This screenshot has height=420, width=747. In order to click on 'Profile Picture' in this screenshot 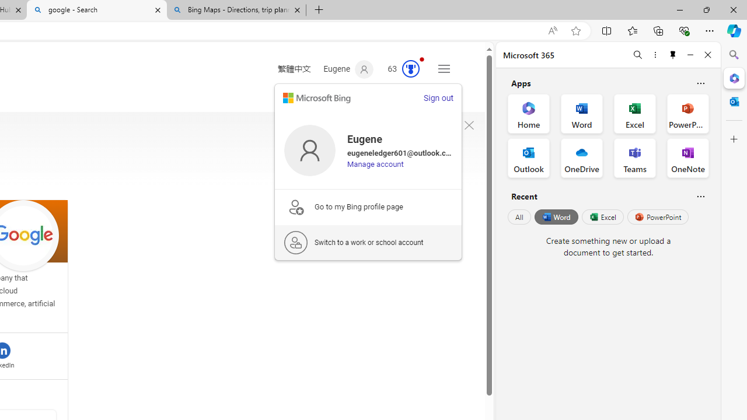, I will do `click(309, 149)`.